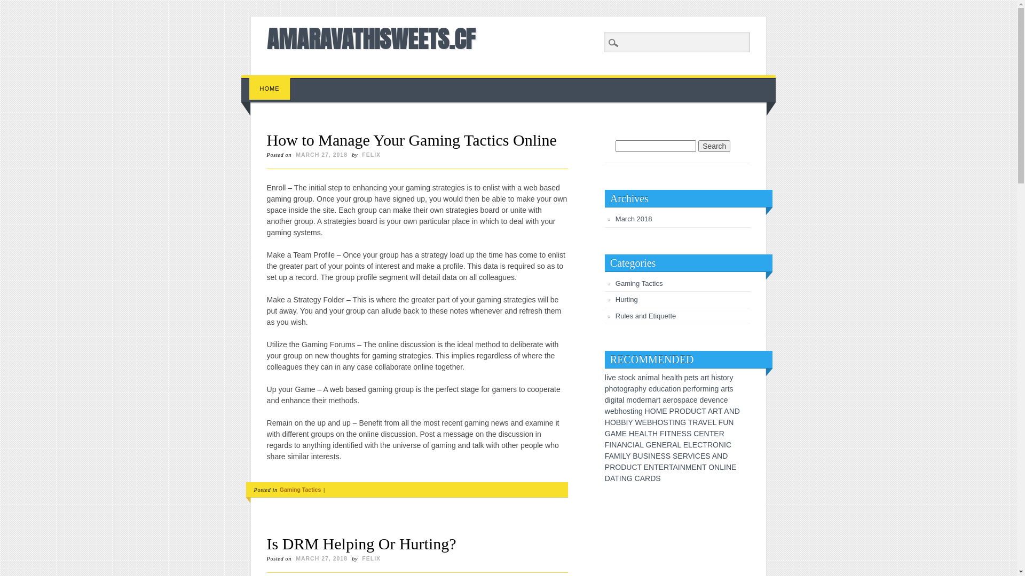 Image resolution: width=1025 pixels, height=576 pixels. Describe the element at coordinates (321, 154) in the screenshot. I see `'MARCH 27, 2018'` at that location.